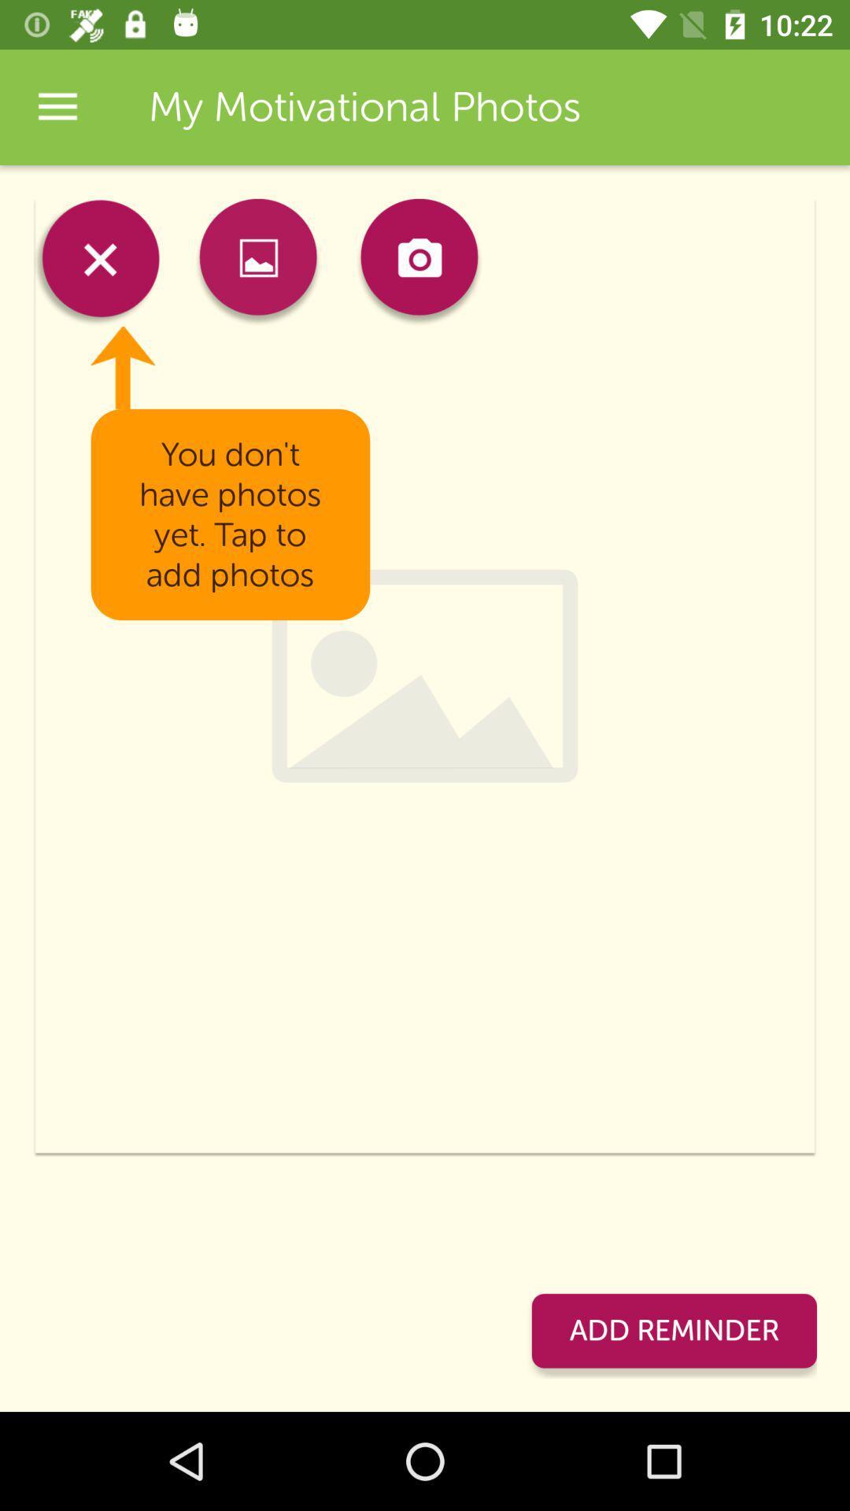  I want to click on the app below my motivational photos, so click(418, 262).